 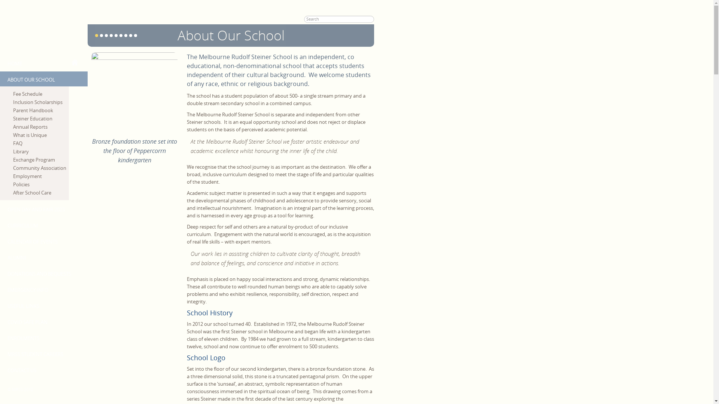 What do you see at coordinates (26, 4) in the screenshot?
I see `'Skip to primary content'` at bounding box center [26, 4].